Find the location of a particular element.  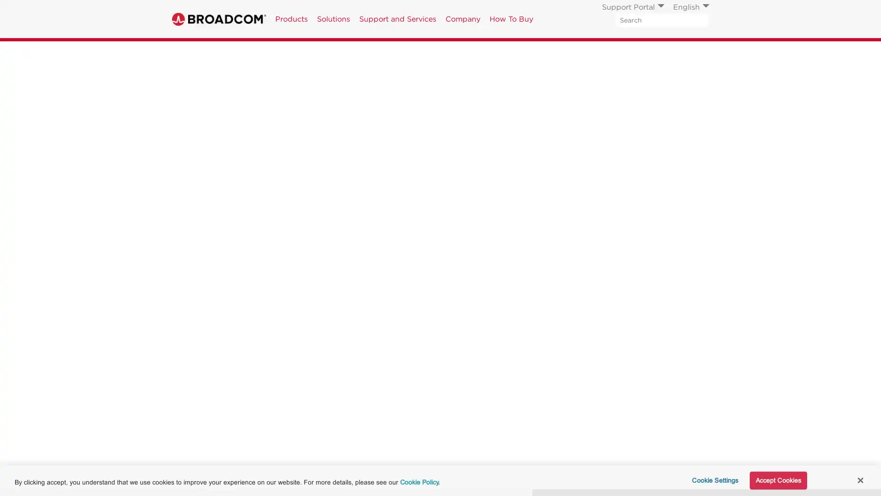

Close is located at coordinates (859, 479).